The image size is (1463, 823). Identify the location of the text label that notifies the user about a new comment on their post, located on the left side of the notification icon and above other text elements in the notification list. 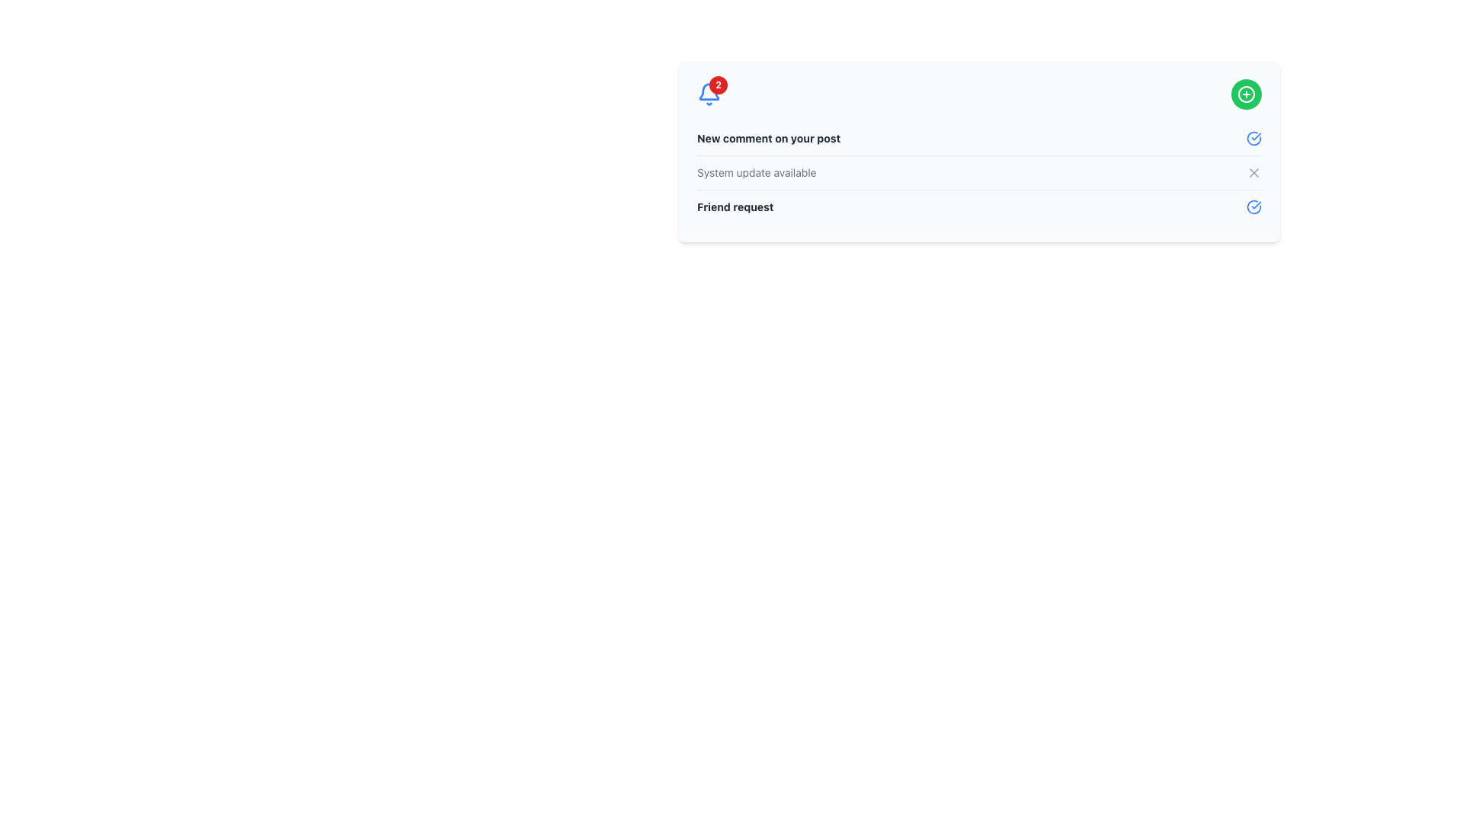
(769, 138).